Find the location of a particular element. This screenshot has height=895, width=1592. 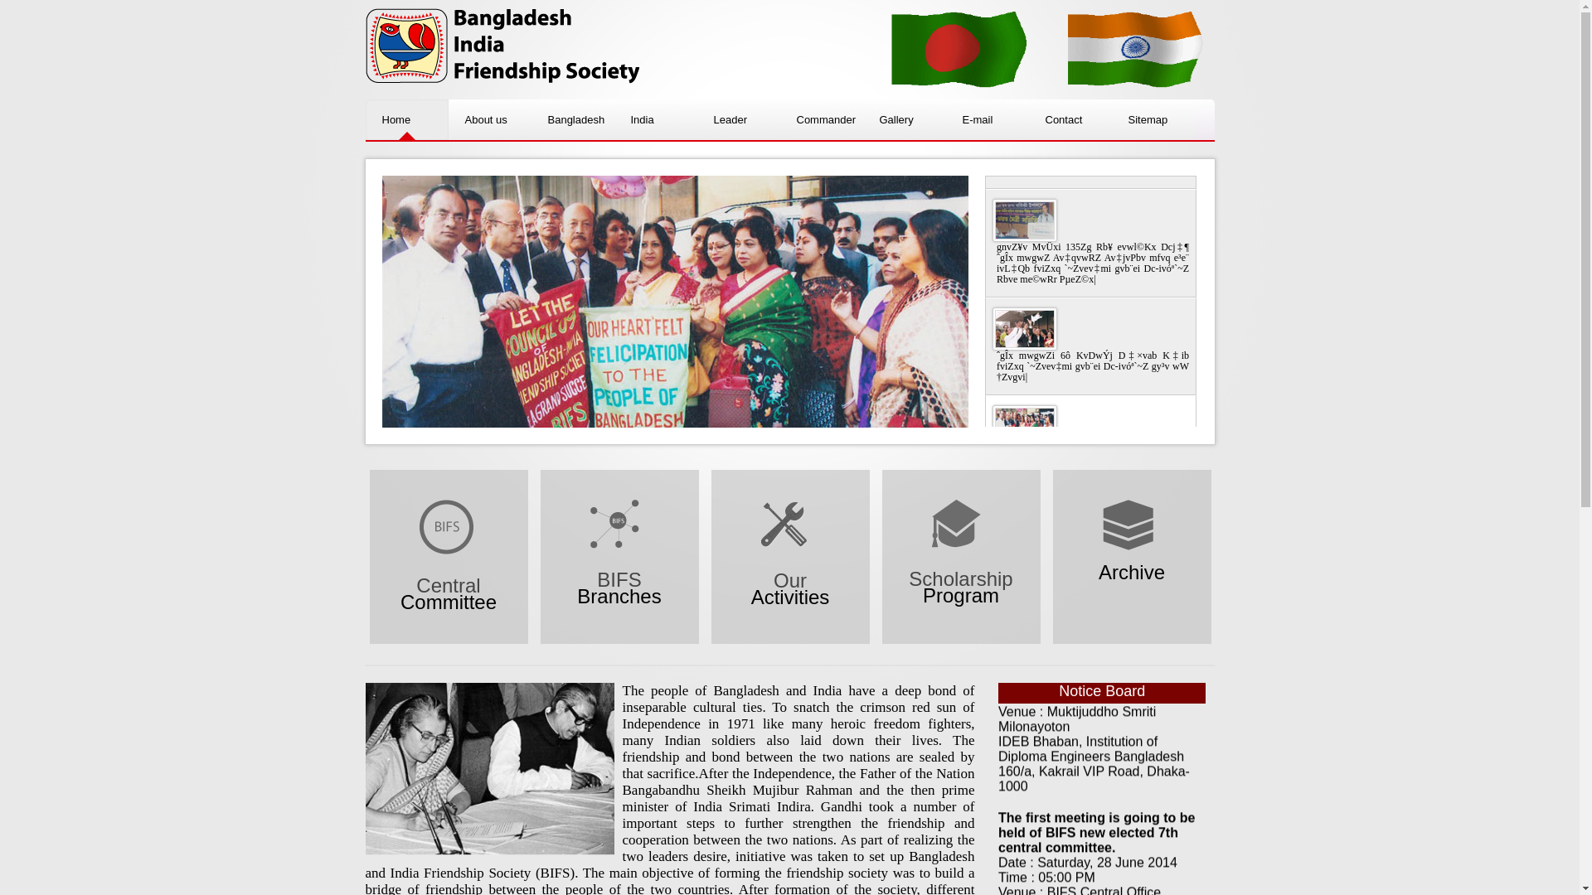

'Central is located at coordinates (449, 571).